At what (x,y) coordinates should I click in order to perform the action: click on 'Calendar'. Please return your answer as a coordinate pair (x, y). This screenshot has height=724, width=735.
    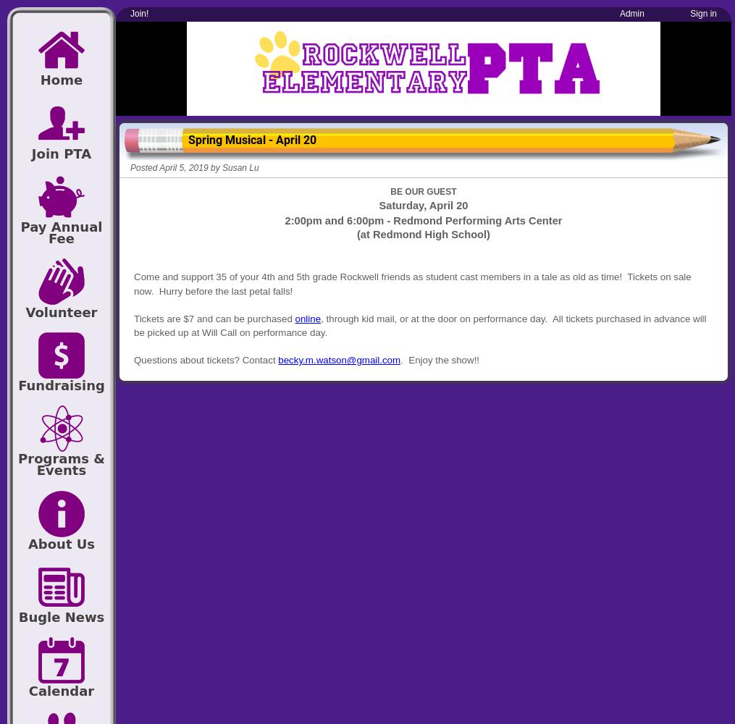
    Looking at the image, I should click on (61, 689).